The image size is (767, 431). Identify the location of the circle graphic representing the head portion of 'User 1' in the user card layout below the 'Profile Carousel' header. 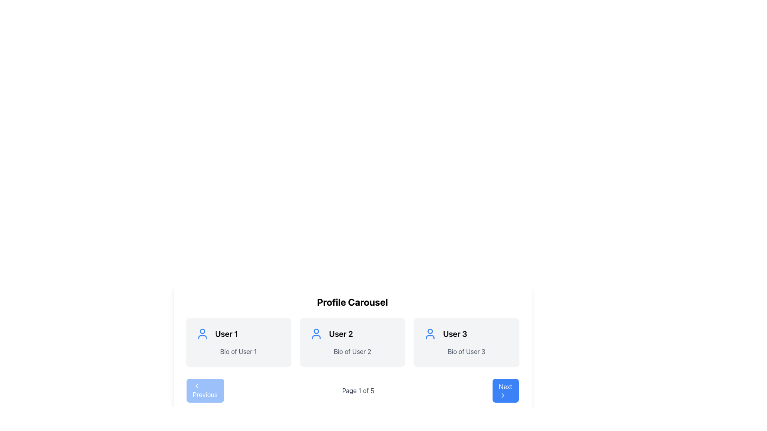
(202, 331).